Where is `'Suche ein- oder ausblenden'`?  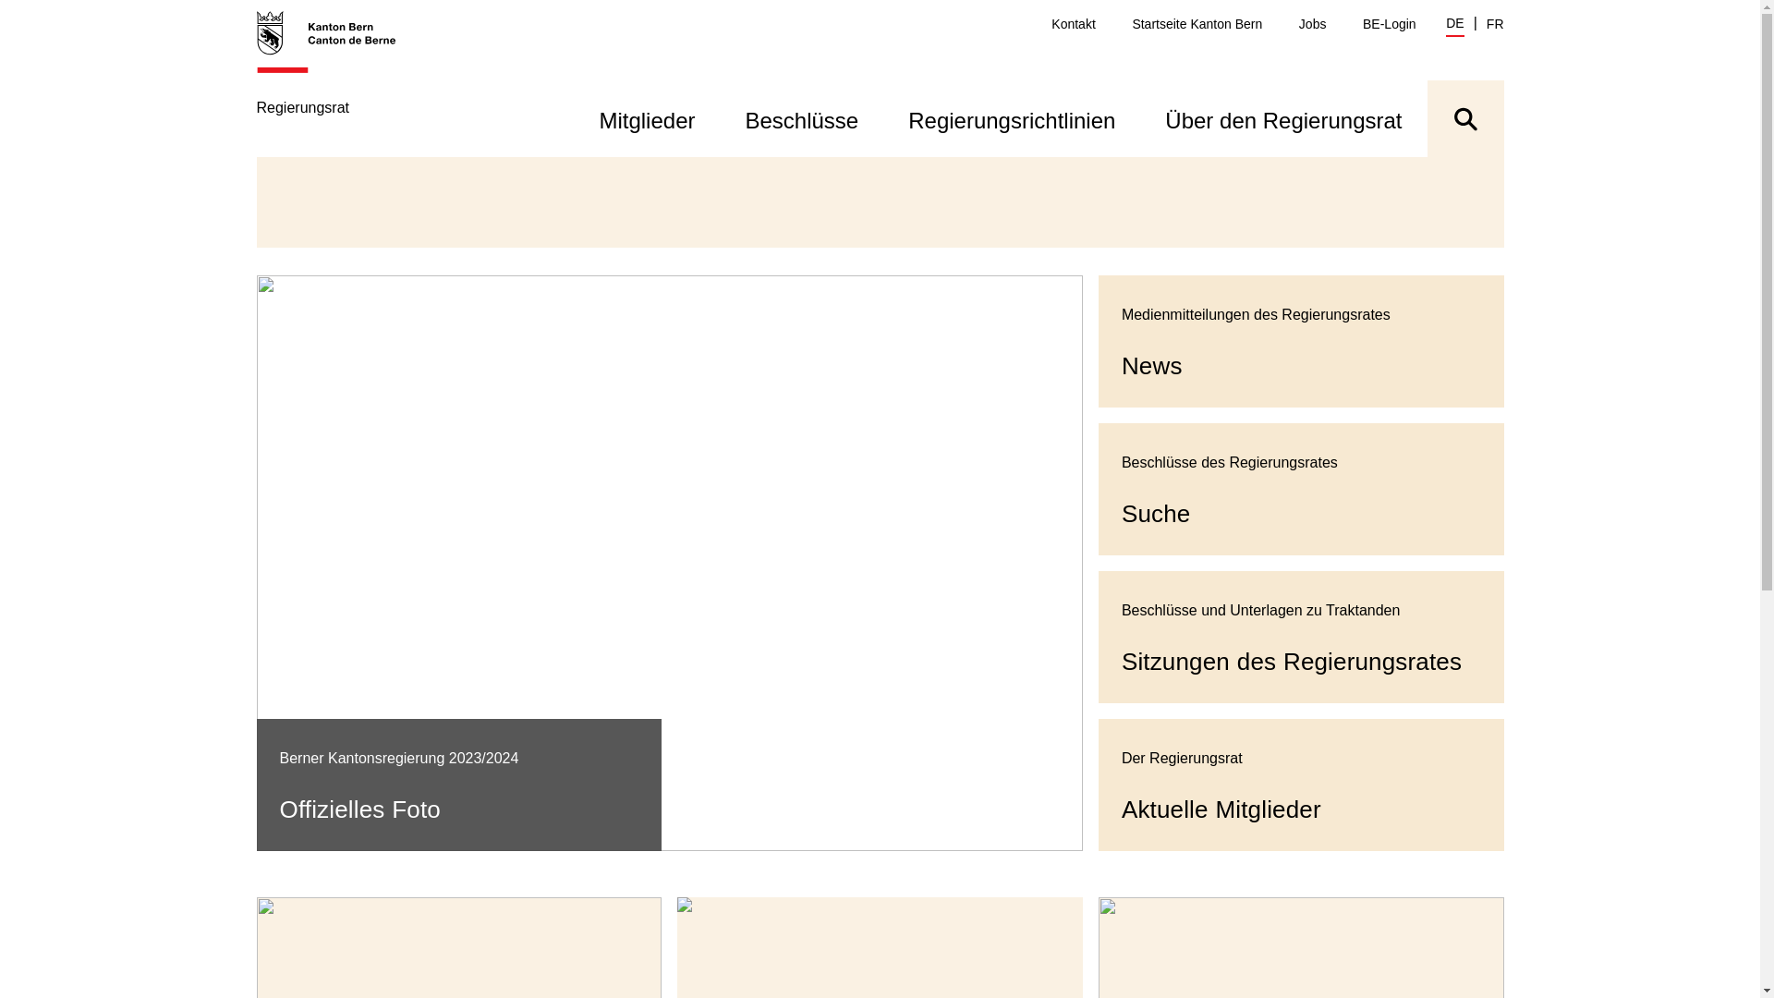
'Suche ein- oder ausblenden' is located at coordinates (1464, 118).